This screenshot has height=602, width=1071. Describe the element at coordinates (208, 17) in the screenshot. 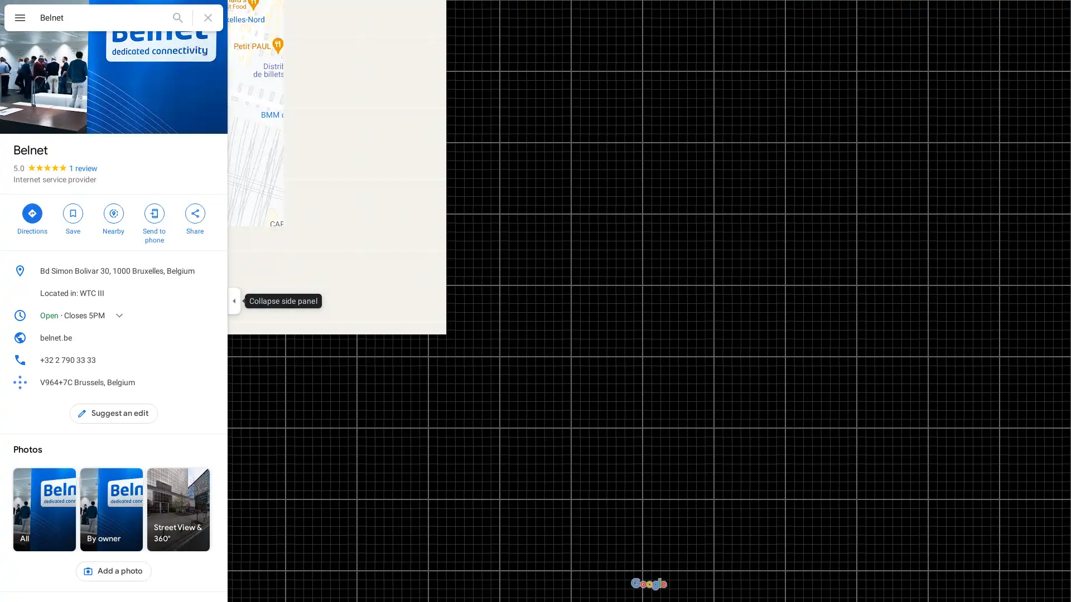

I see `Clear search` at that location.